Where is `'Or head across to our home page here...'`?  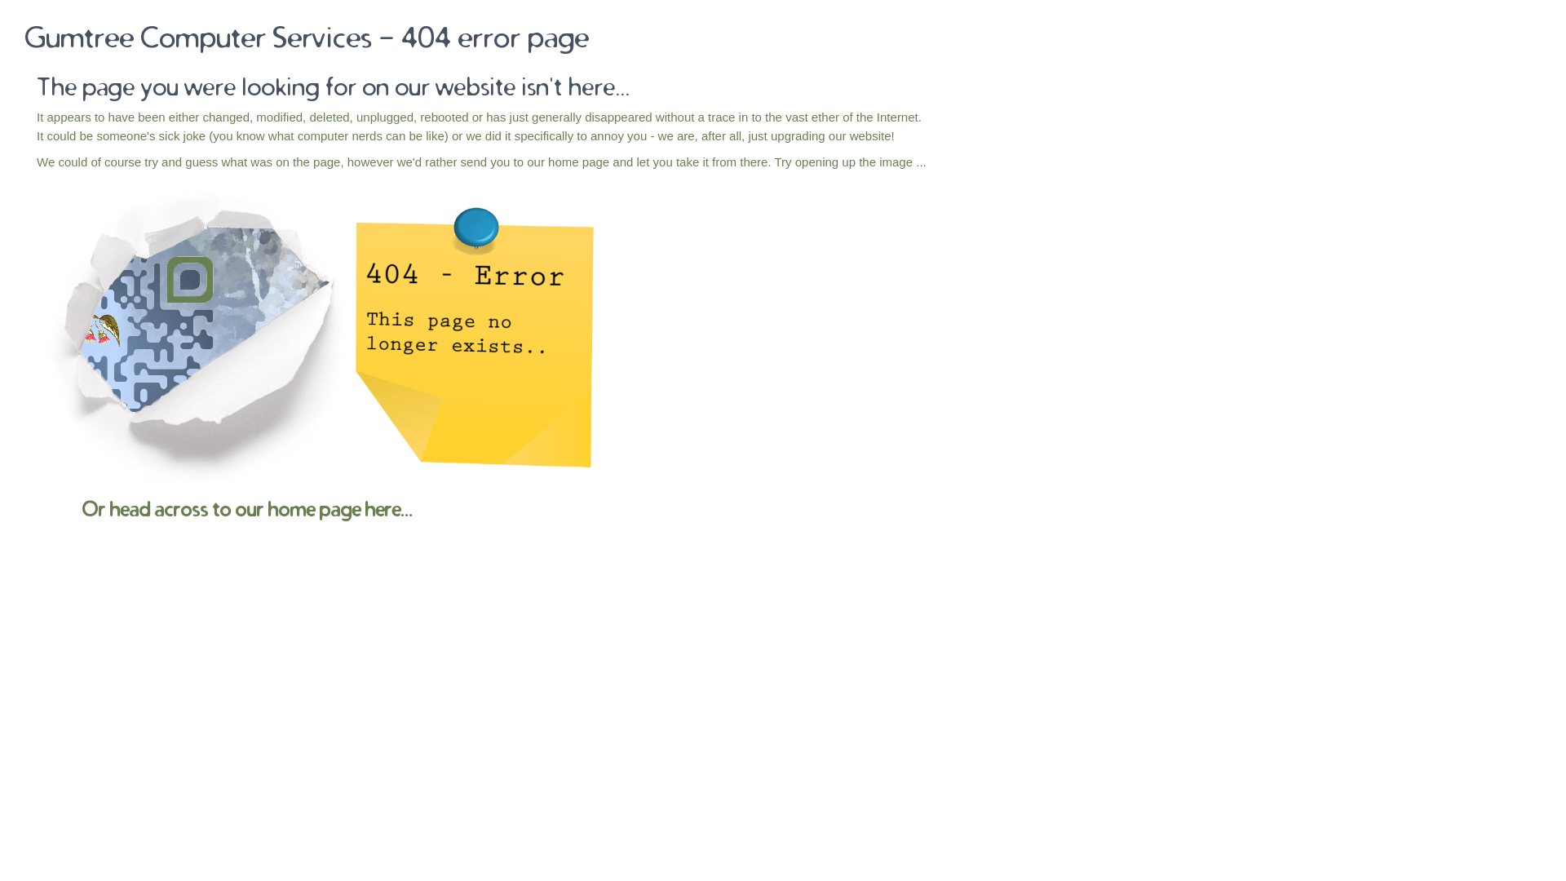
'Or head across to our home page here...' is located at coordinates (246, 508).